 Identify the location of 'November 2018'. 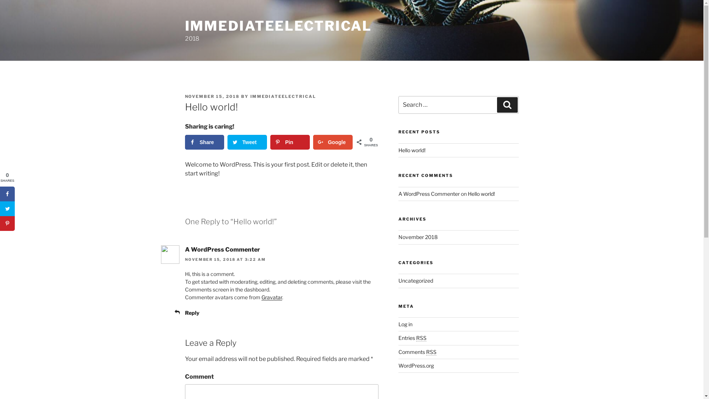
(418, 237).